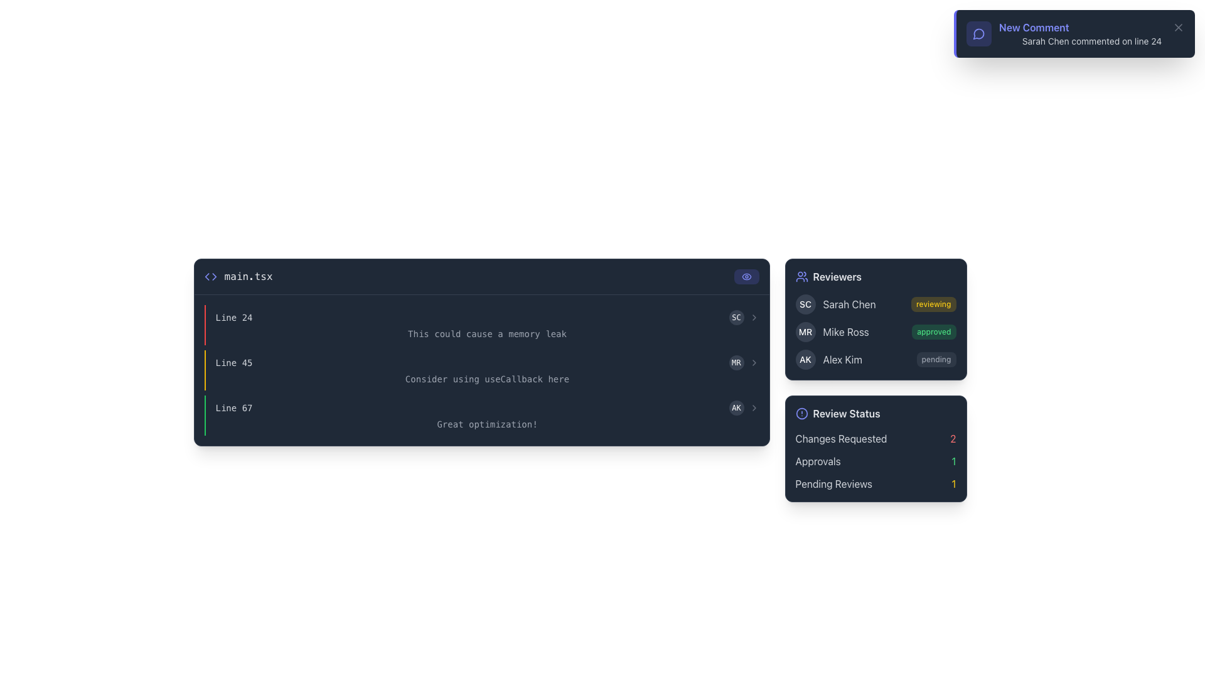 The width and height of the screenshot is (1205, 678). I want to click on the header text labeled 'Review Status' accompanied by a blue circle icon with an exclamation mark, located at the top of the segmented panel, so click(875, 414).